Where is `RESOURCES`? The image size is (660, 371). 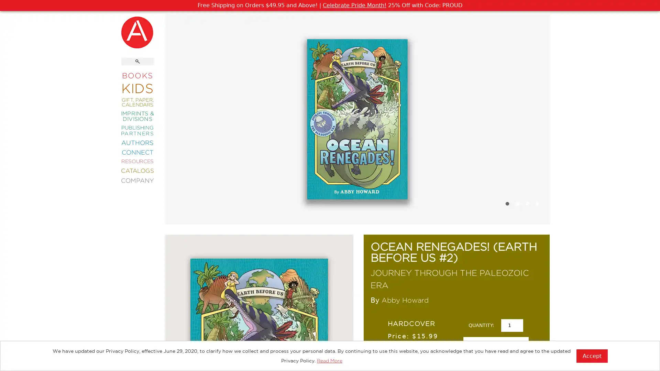 RESOURCES is located at coordinates (137, 161).